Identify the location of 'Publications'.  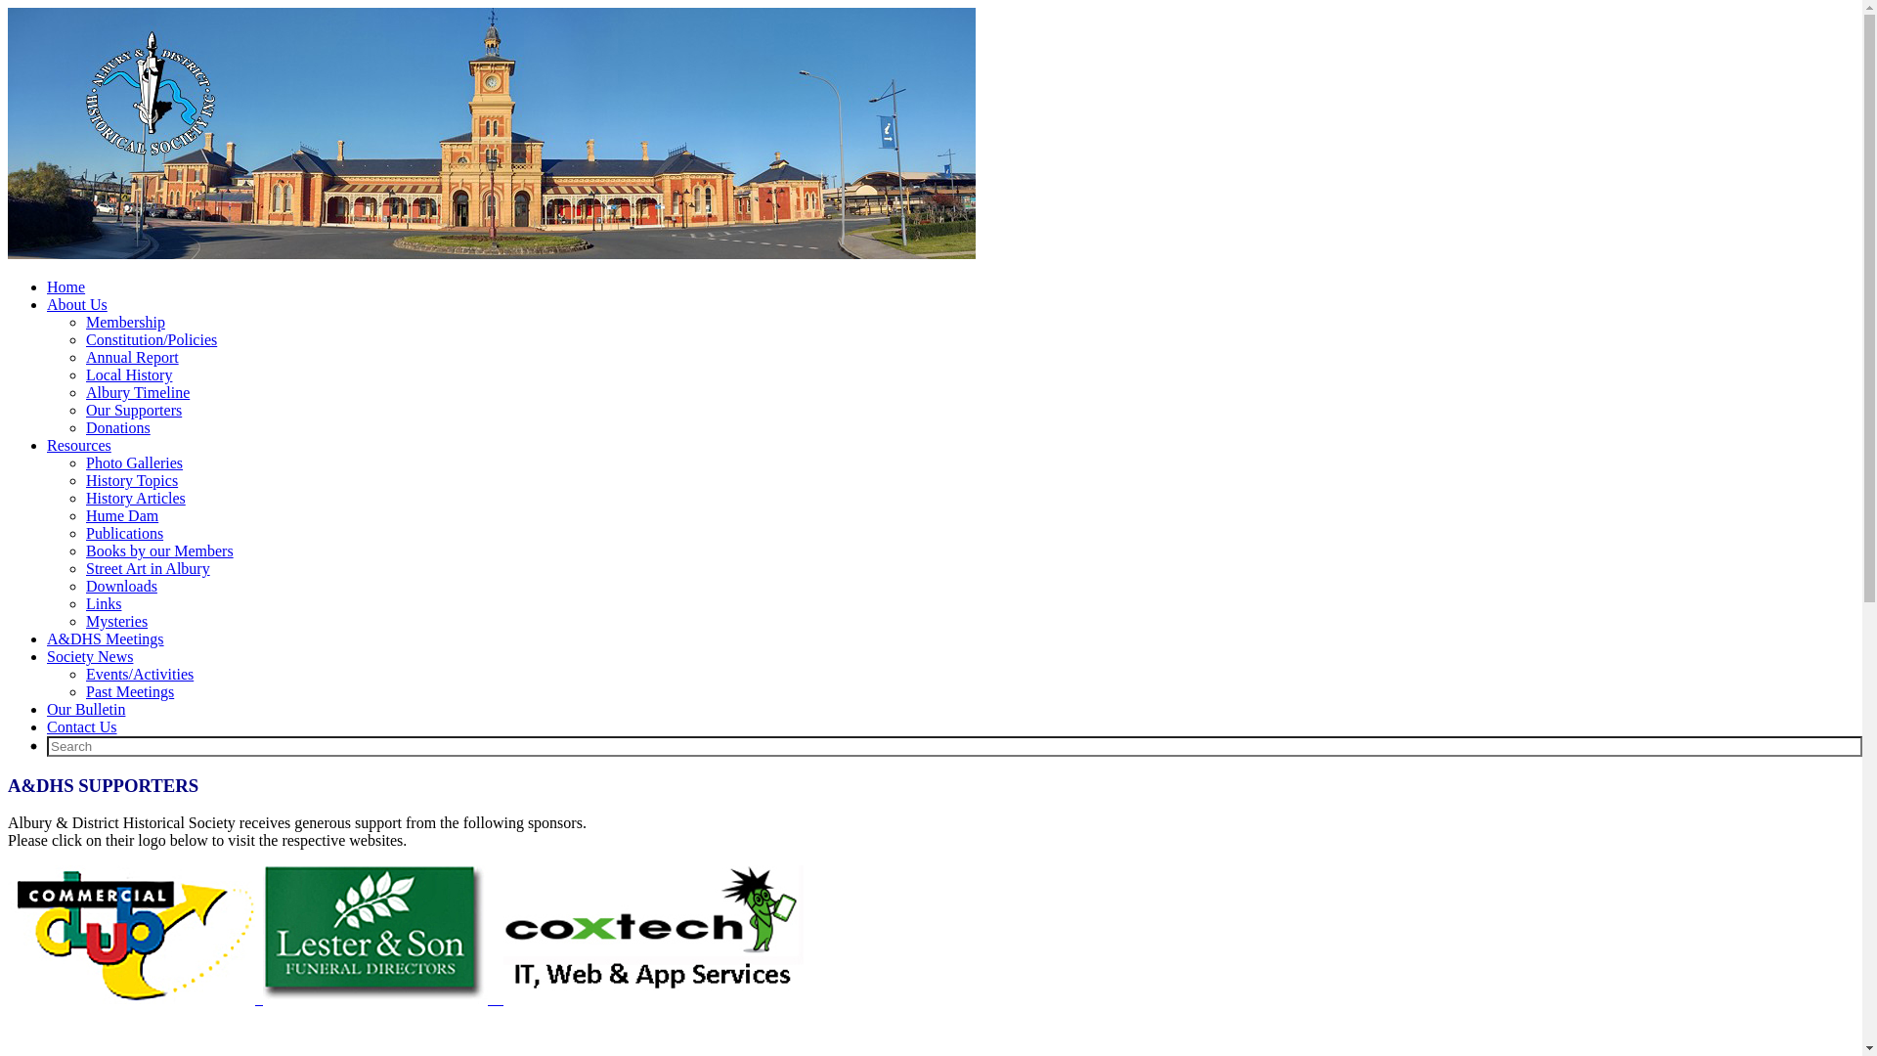
(123, 533).